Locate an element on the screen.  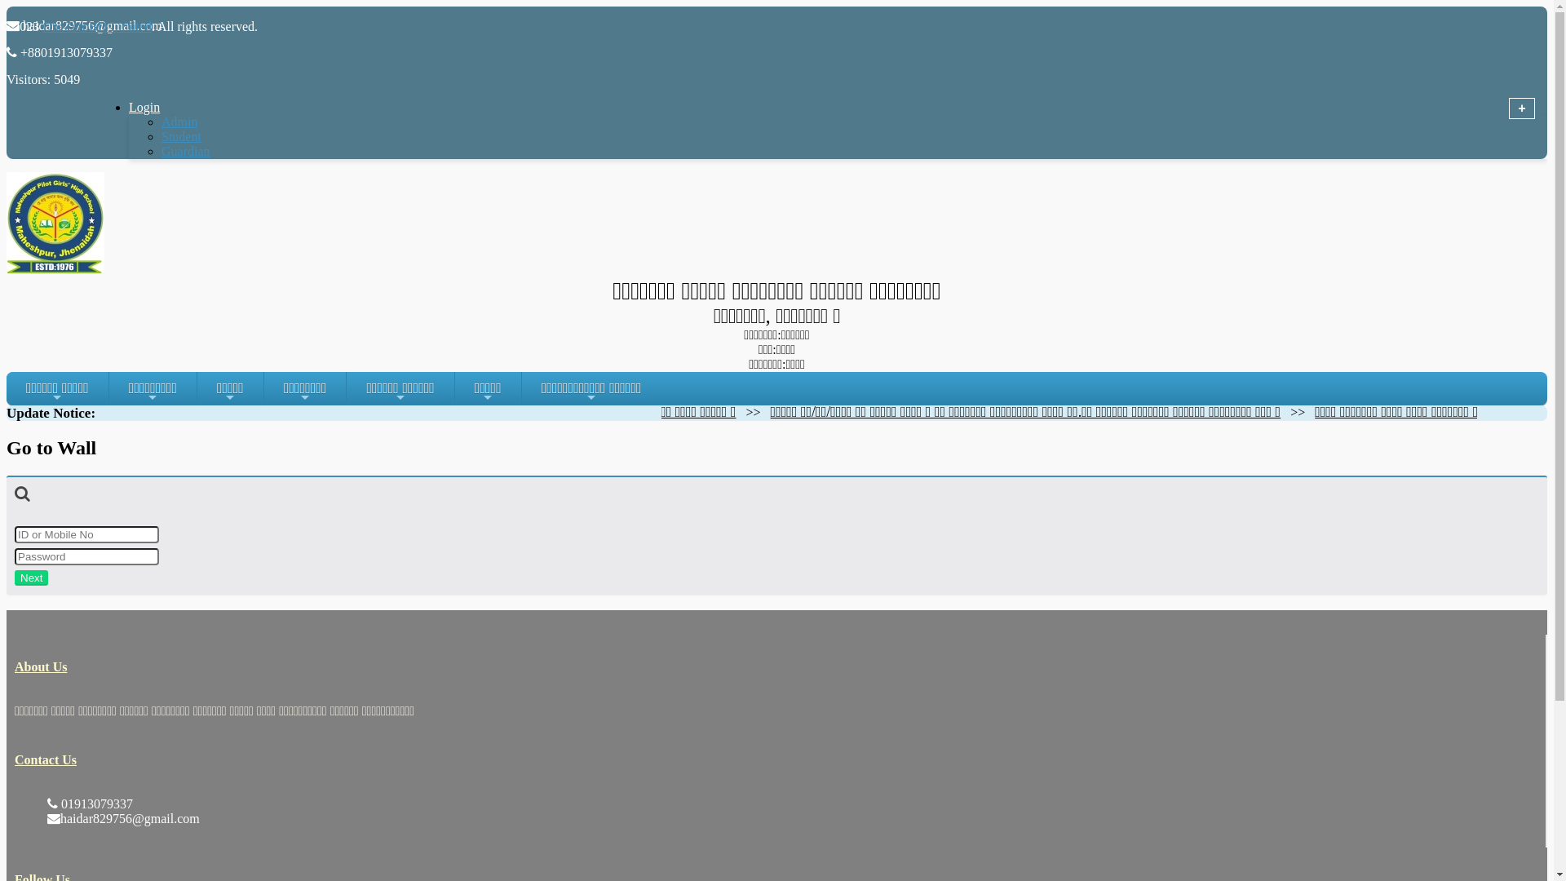
'OneZeroBD Limited' is located at coordinates (96, 26).